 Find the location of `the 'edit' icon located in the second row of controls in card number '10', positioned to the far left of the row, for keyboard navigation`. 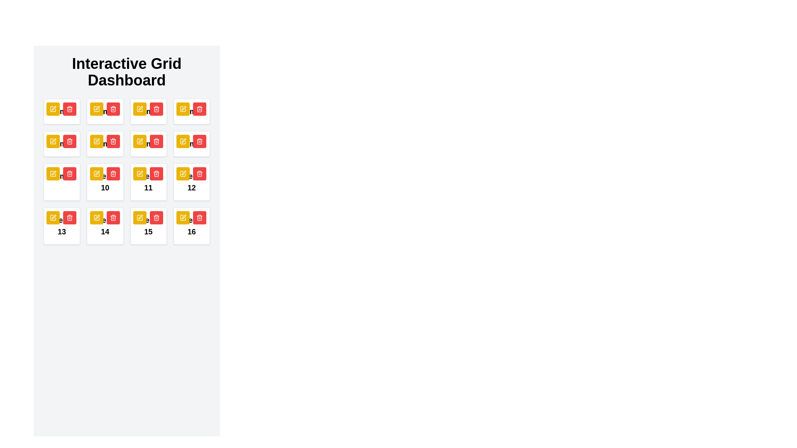

the 'edit' icon located in the second row of controls in card number '10', positioned to the far left of the row, for keyboard navigation is located at coordinates (97, 172).